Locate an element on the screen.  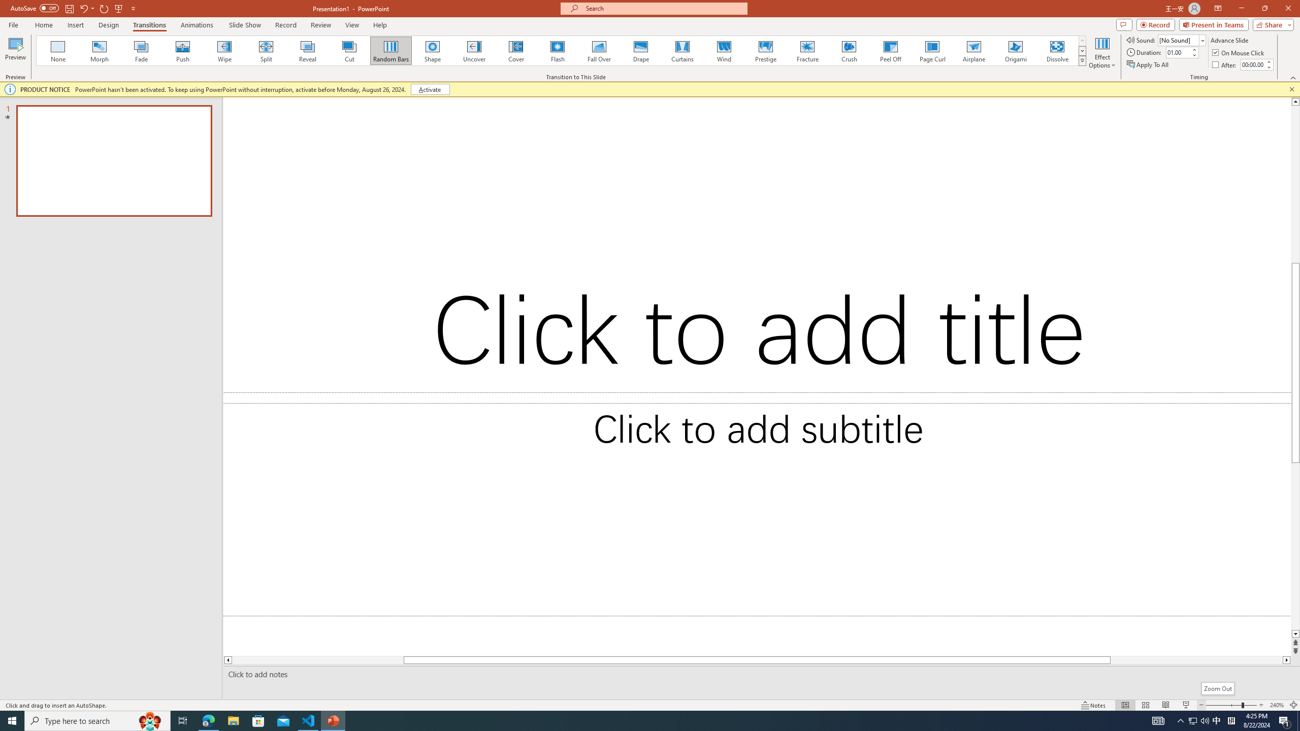
'Peel Off' is located at coordinates (890, 50).